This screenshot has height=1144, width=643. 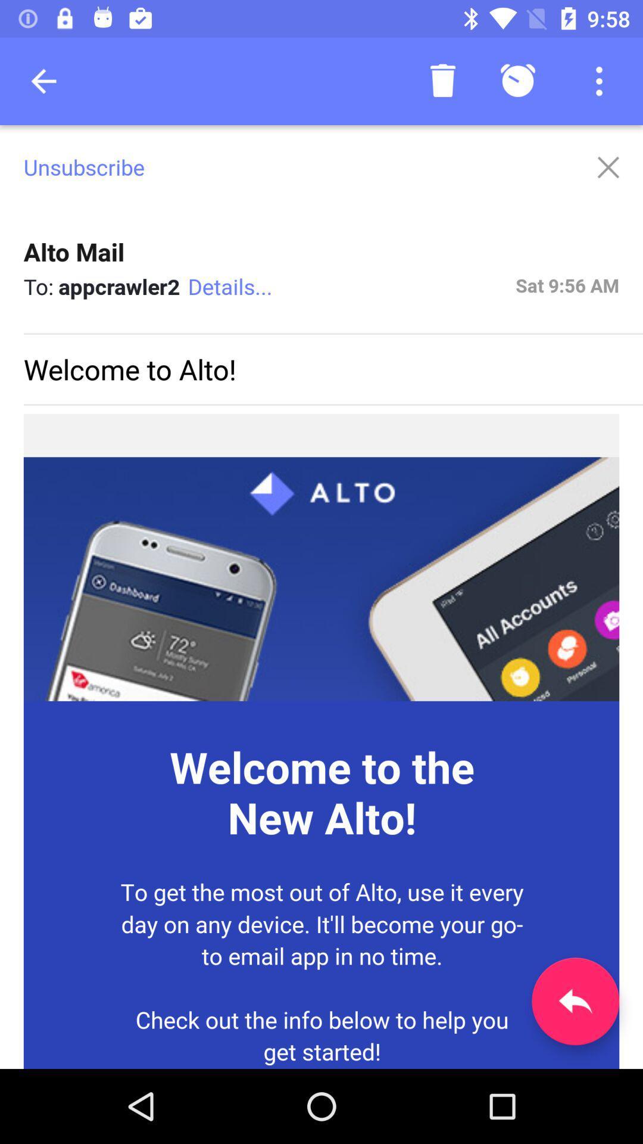 I want to click on the reply icon, so click(x=575, y=1001).